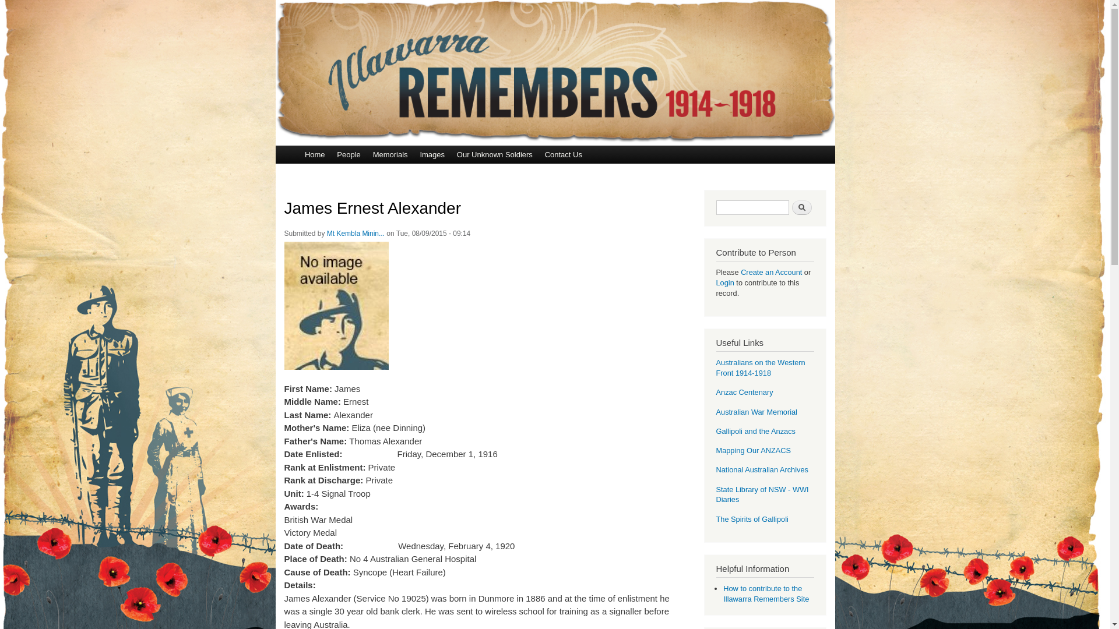  Describe the element at coordinates (752, 518) in the screenshot. I see `'The Spirits of Gallipoli'` at that location.